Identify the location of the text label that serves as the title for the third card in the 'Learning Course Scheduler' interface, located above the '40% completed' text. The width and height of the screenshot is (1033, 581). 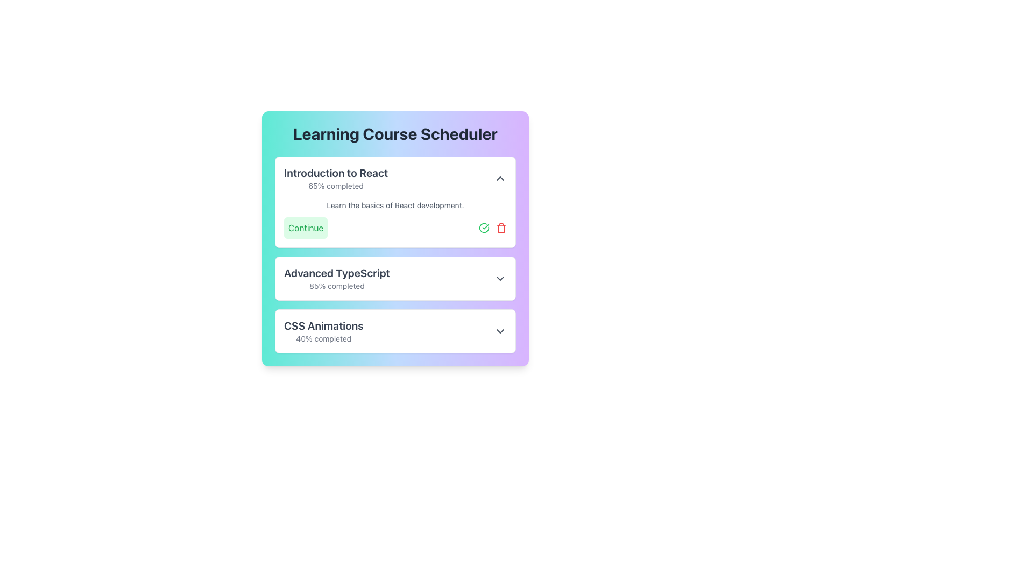
(323, 325).